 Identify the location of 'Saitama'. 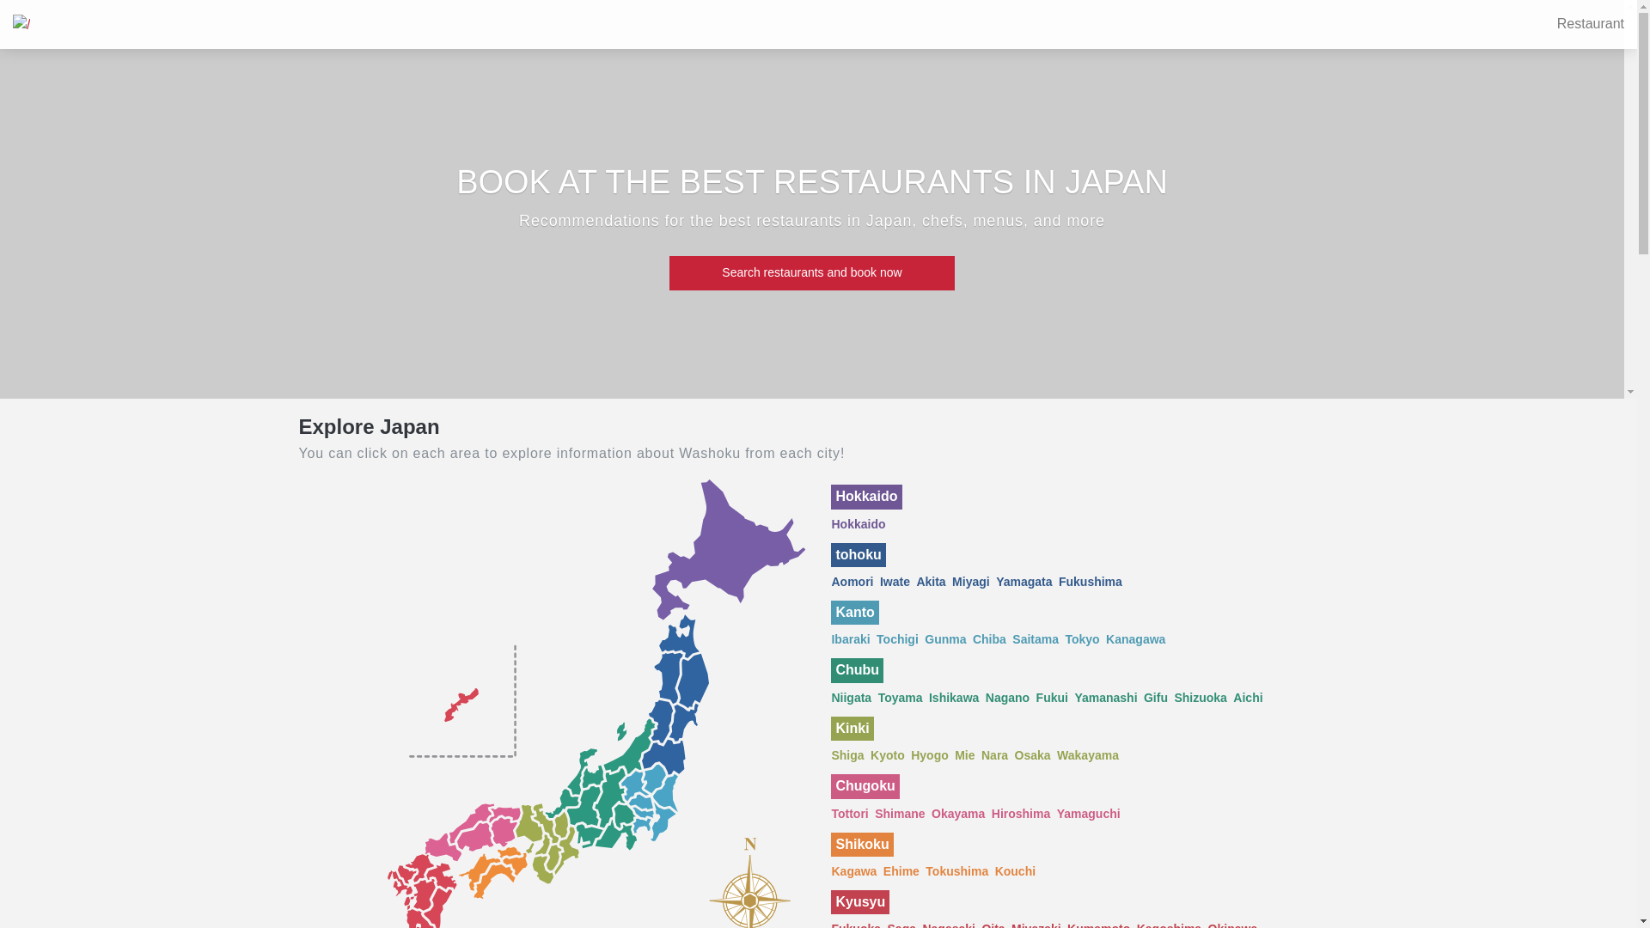
(1034, 639).